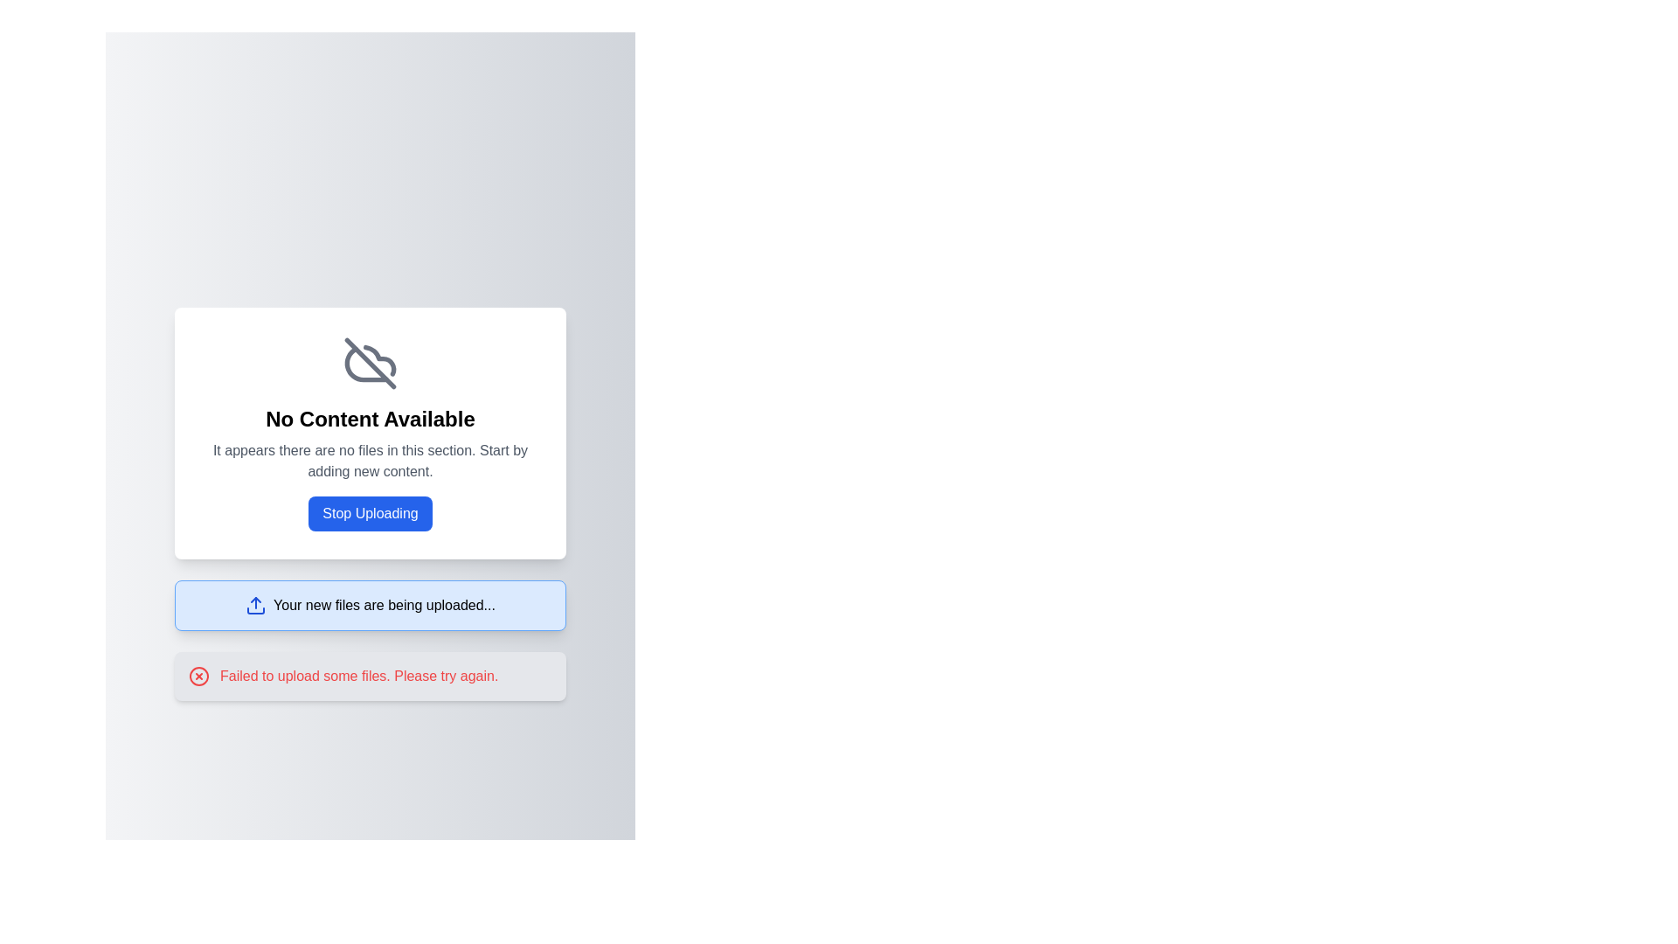  What do you see at coordinates (369, 512) in the screenshot?
I see `the 'Stop Uploading' button, which has a blue background and white text, to observe the visual effect of the hover state` at bounding box center [369, 512].